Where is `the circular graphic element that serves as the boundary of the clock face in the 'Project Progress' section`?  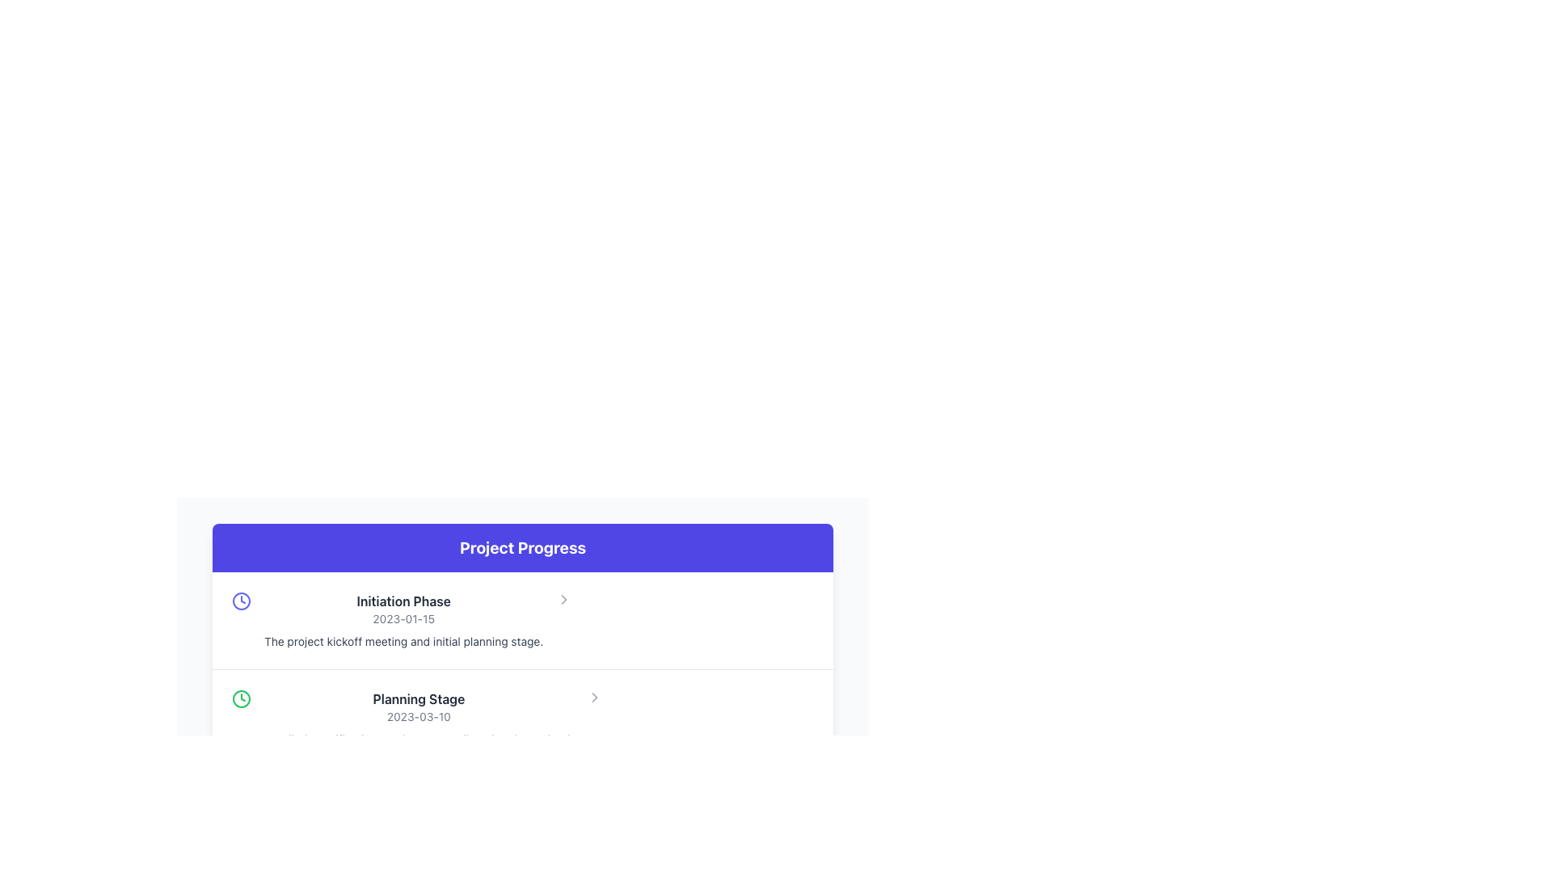
the circular graphic element that serves as the boundary of the clock face in the 'Project Progress' section is located at coordinates (240, 796).